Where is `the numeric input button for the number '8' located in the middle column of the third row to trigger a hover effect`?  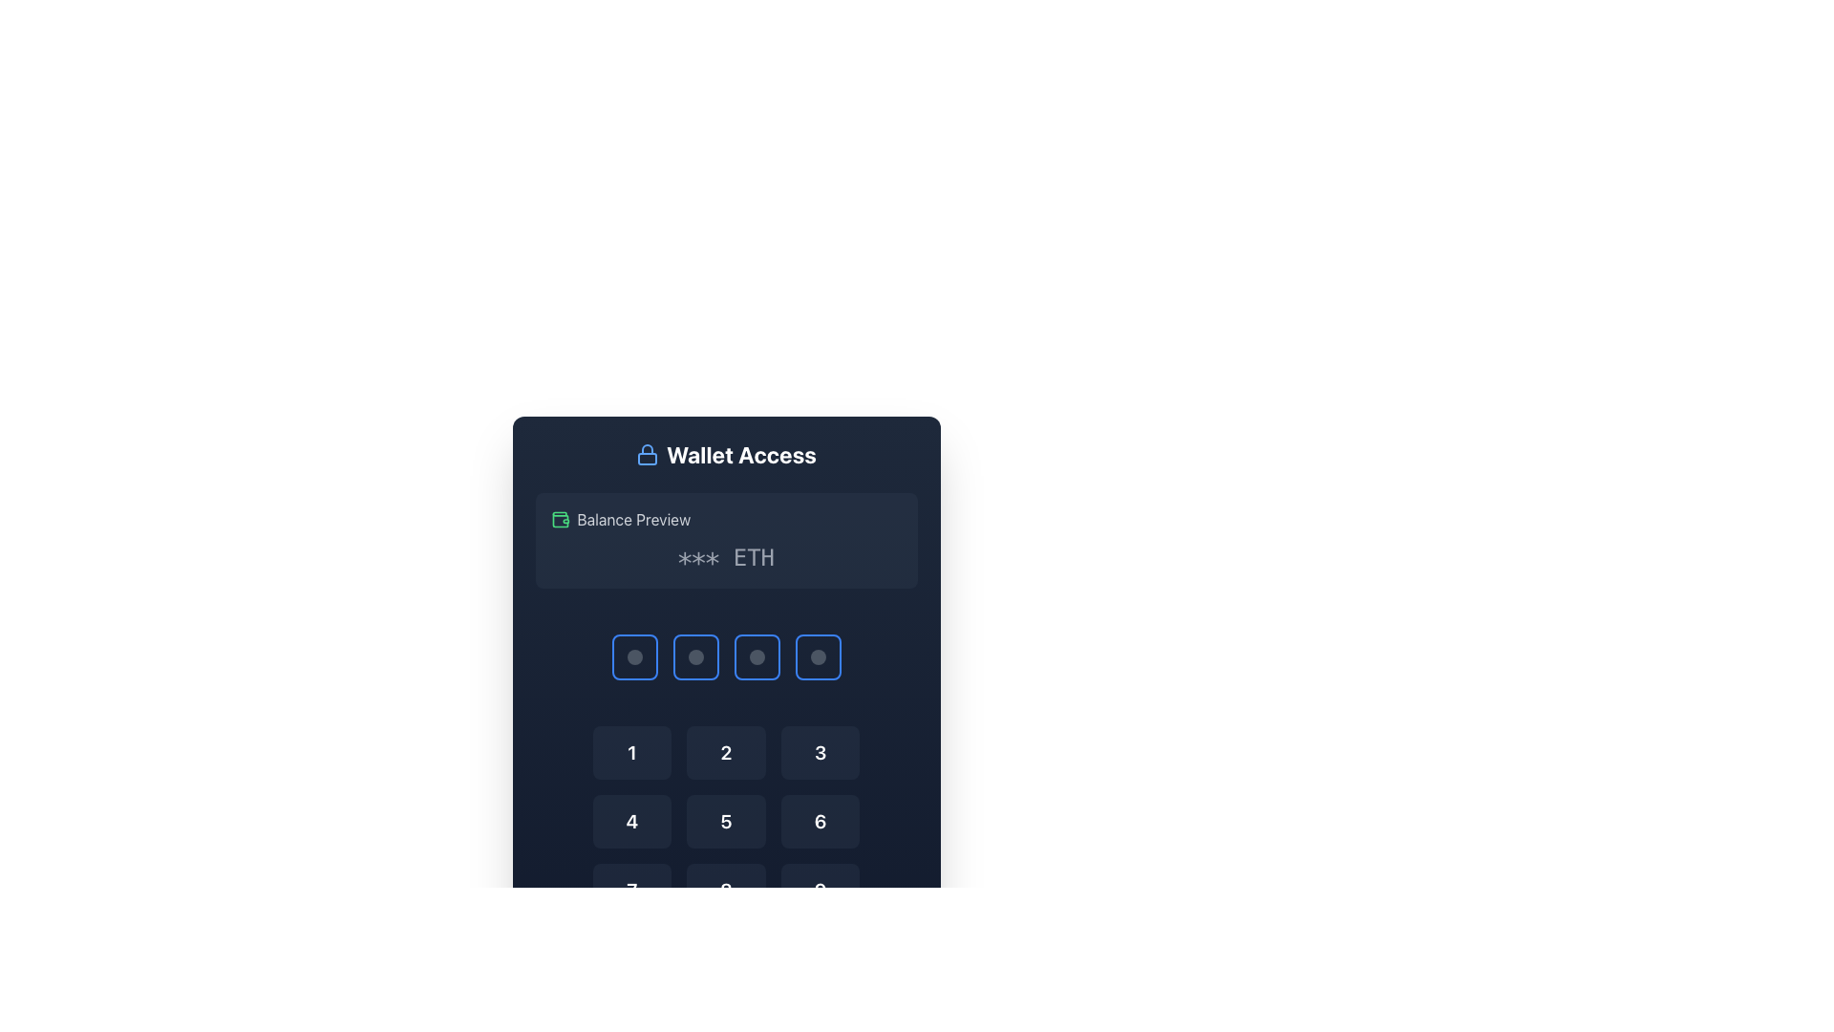
the numeric input button for the number '8' located in the middle column of the third row to trigger a hover effect is located at coordinates (725, 891).